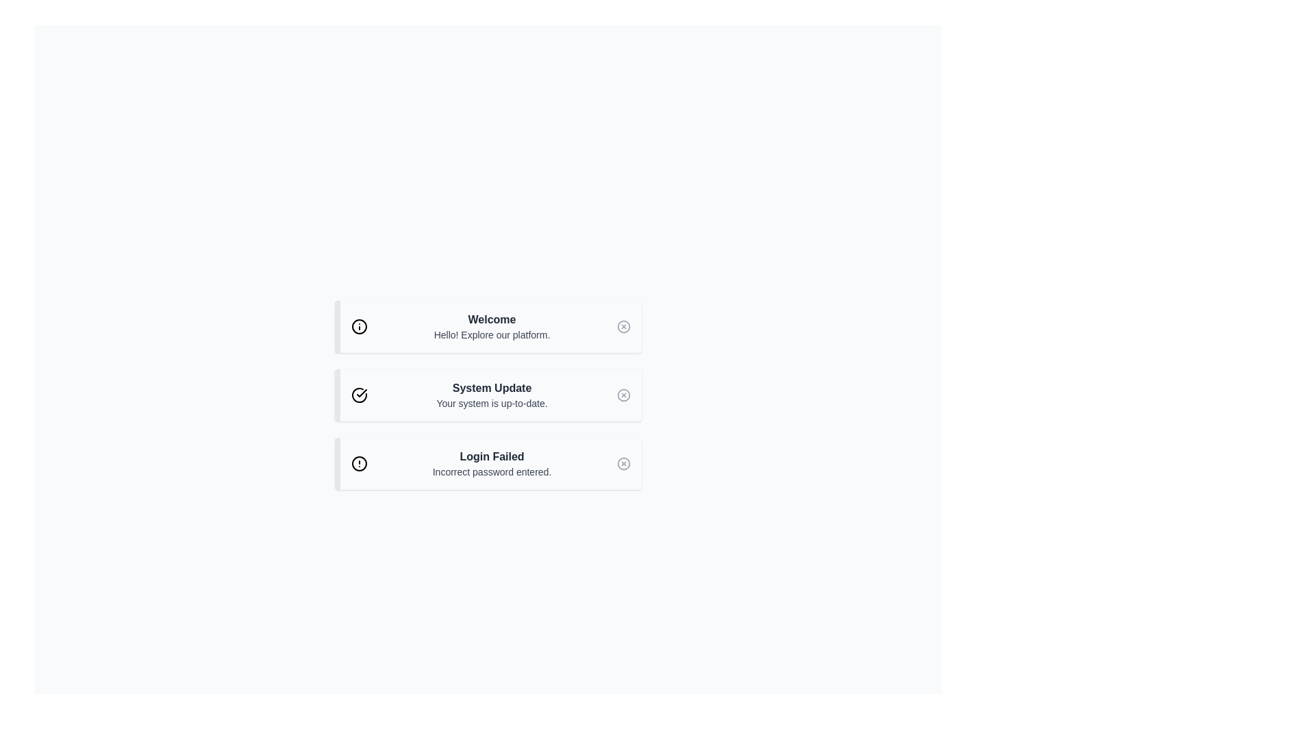 The height and width of the screenshot is (740, 1315). What do you see at coordinates (623, 327) in the screenshot?
I see `the SVG Graphic - Circle element, which is part of the 'X' icon indicating a closure action, located to the right of the 'Welcome' label` at bounding box center [623, 327].